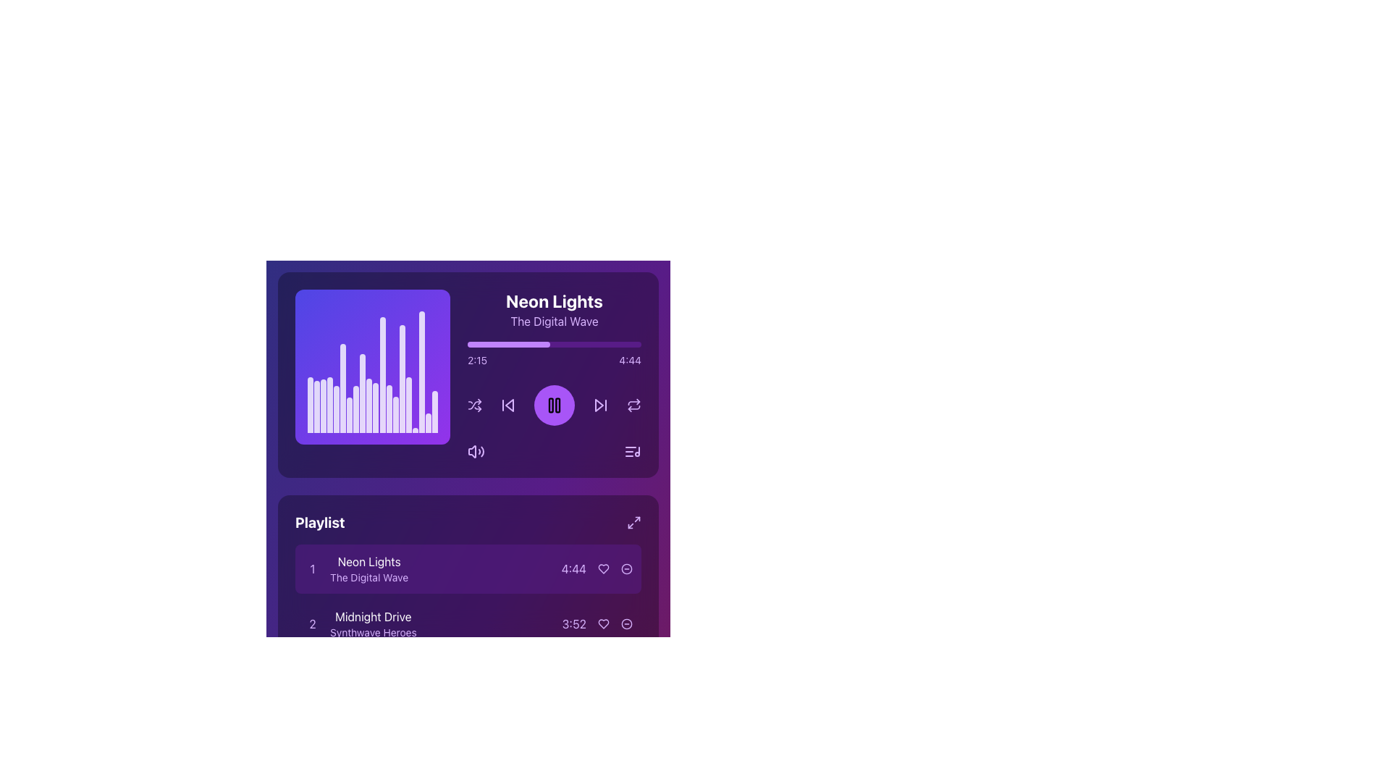 The image size is (1390, 782). What do you see at coordinates (356, 409) in the screenshot?
I see `the eighth vertical bar of the bar graph component, which is styled with a rounded top and slightly transparent white color, part of an audio visualizer interface` at bounding box center [356, 409].